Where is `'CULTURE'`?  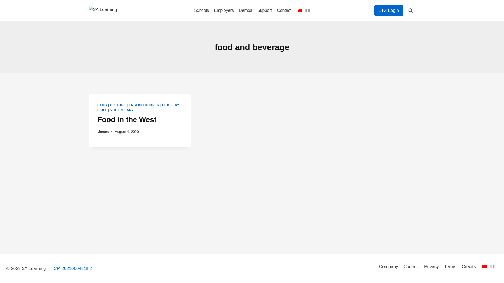 'CULTURE' is located at coordinates (118, 105).